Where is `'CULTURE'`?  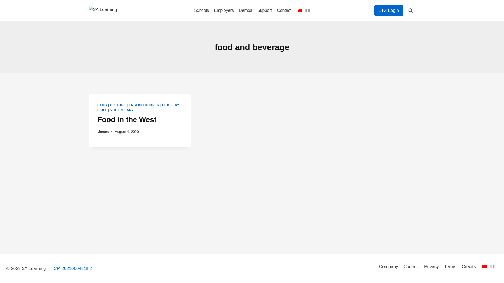 'CULTURE' is located at coordinates (118, 105).